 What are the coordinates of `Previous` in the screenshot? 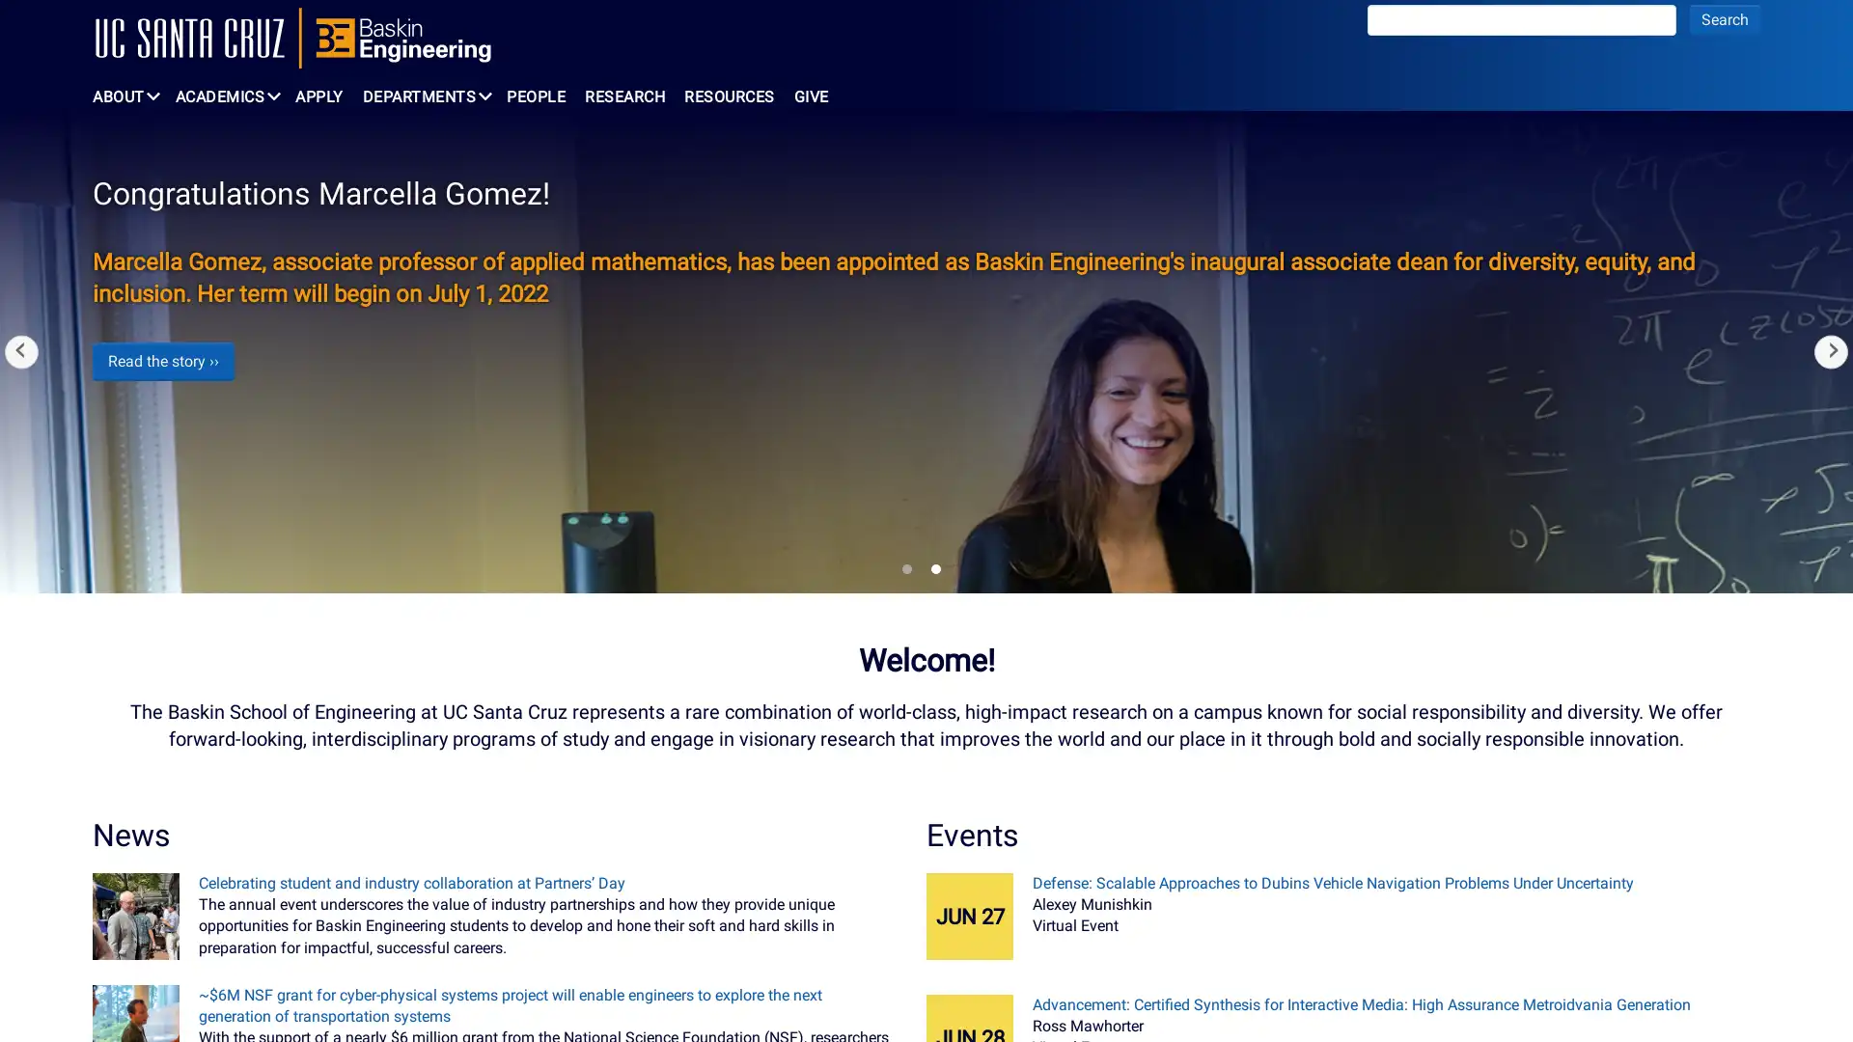 It's located at (21, 351).